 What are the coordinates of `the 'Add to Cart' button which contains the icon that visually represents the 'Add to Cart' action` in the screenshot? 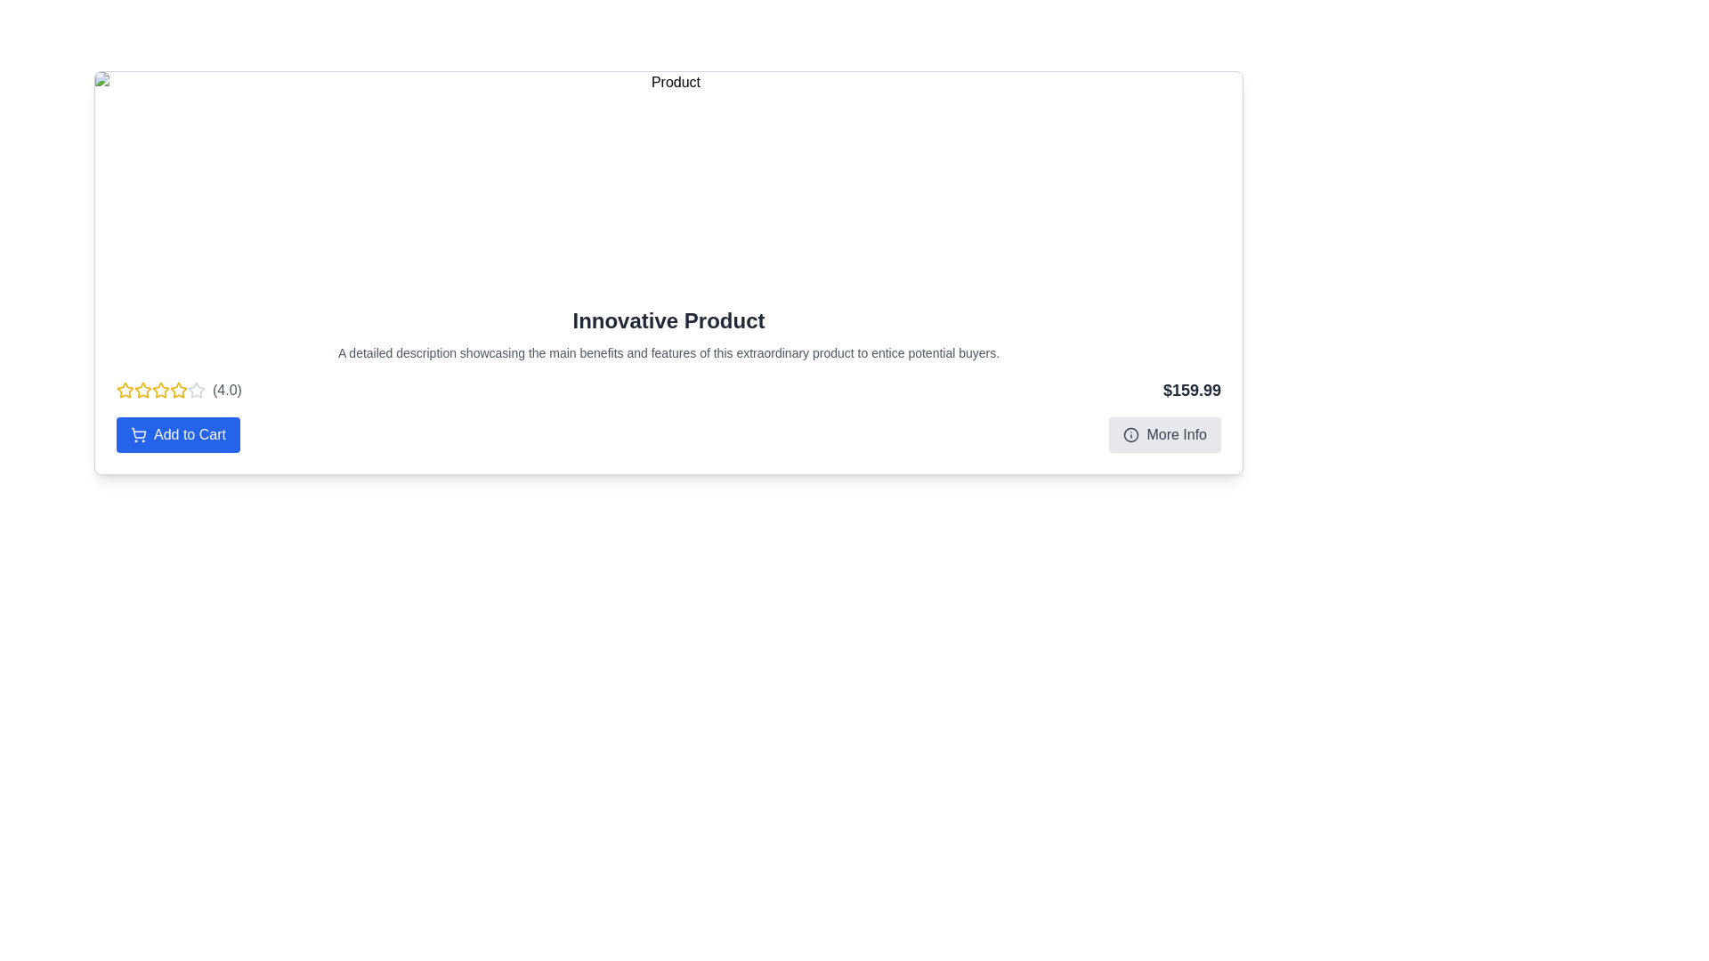 It's located at (138, 435).